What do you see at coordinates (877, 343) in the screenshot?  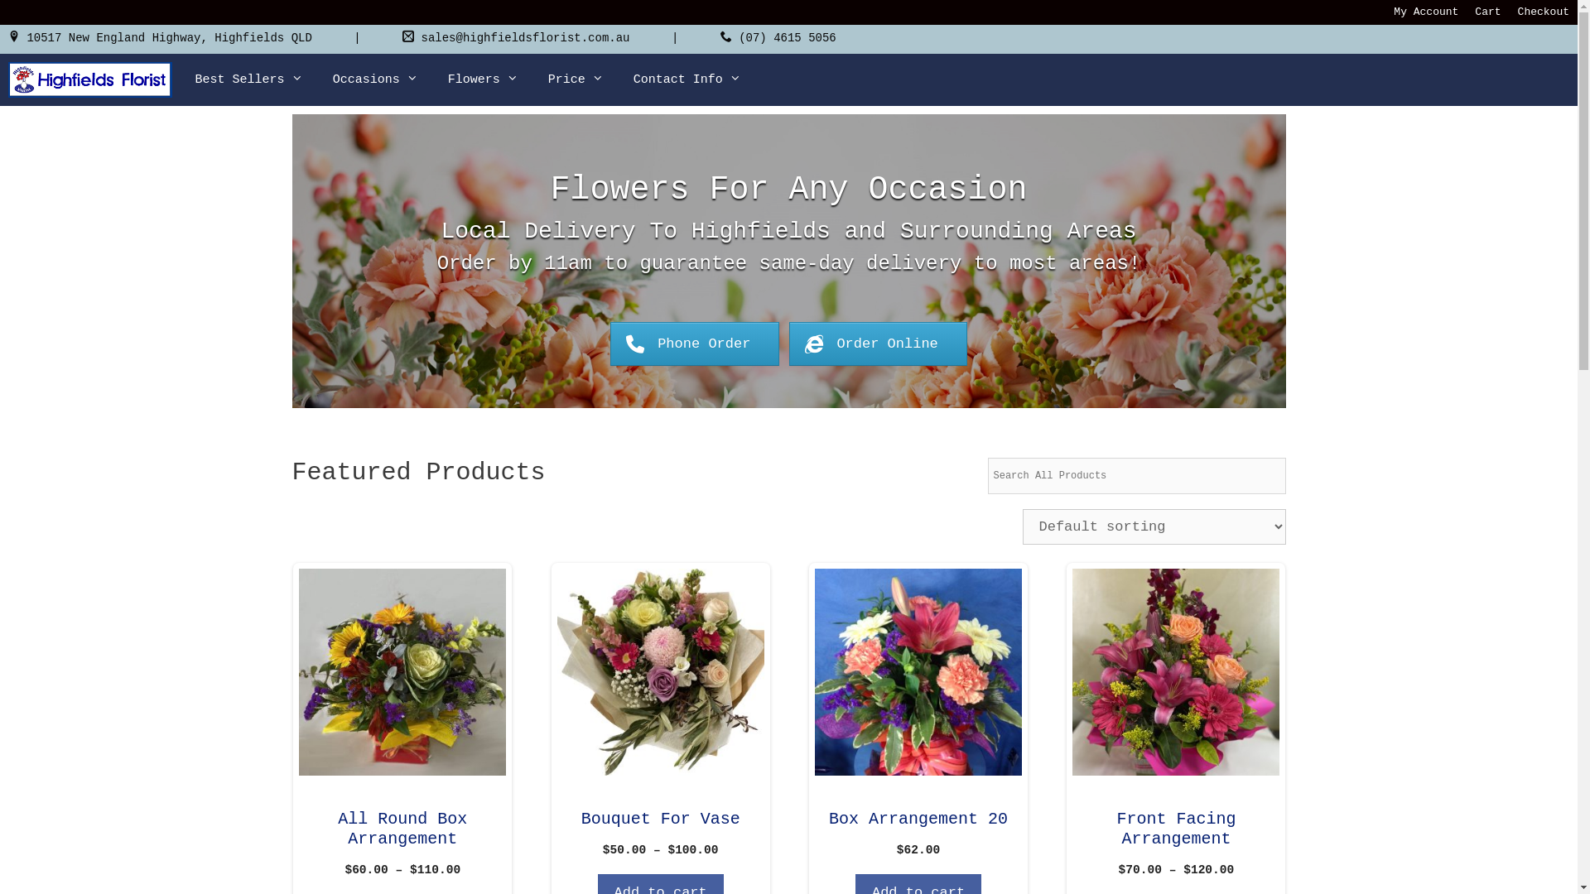 I see `'Order Online'` at bounding box center [877, 343].